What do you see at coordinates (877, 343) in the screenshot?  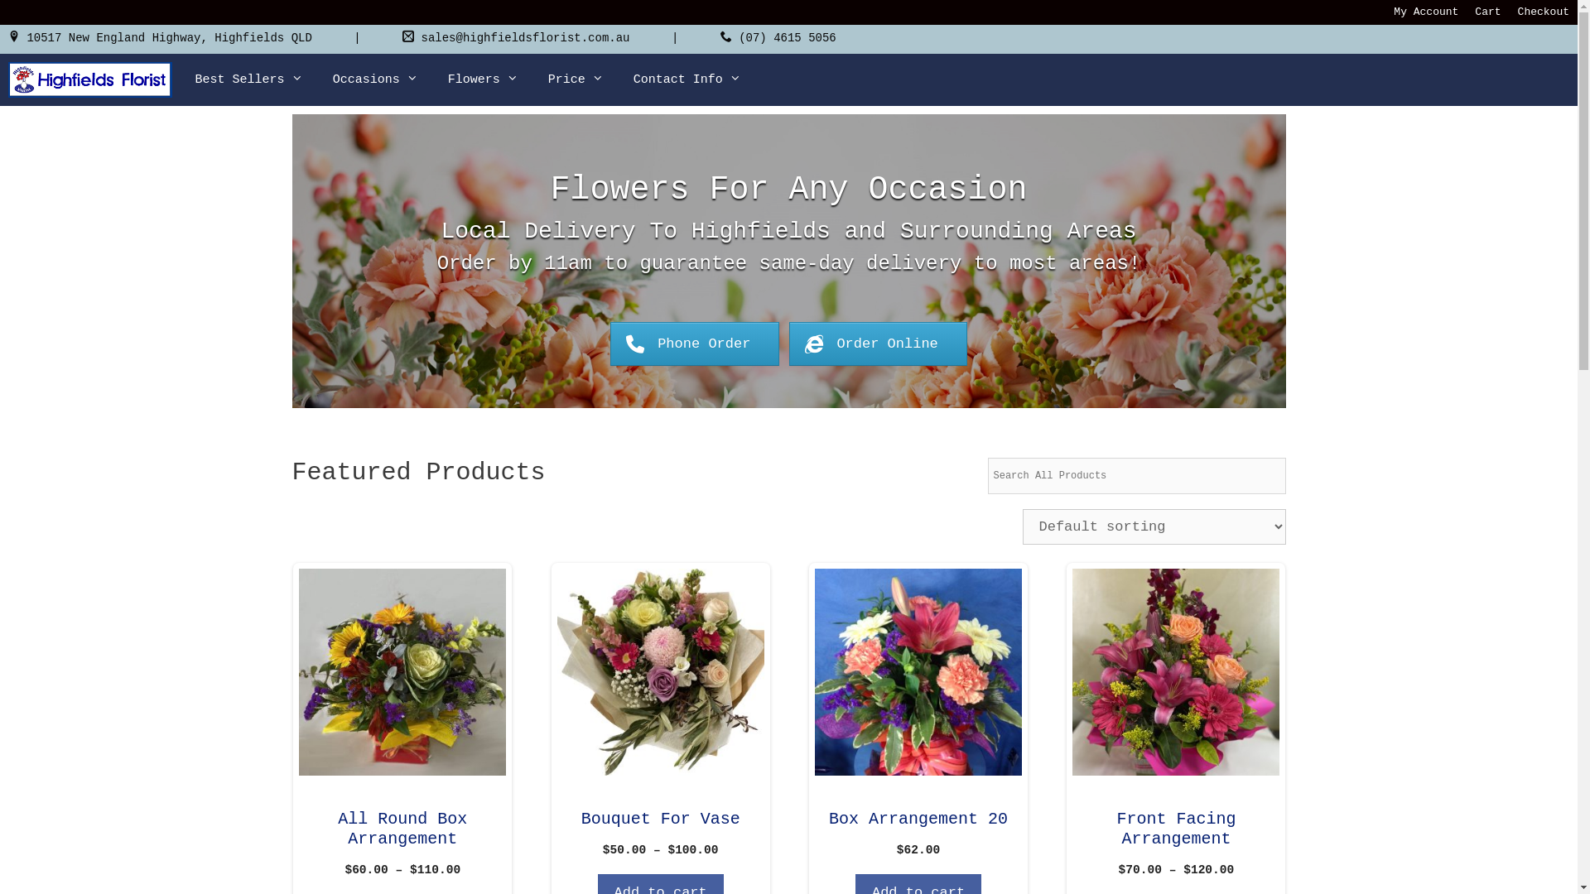 I see `'Order Online'` at bounding box center [877, 343].